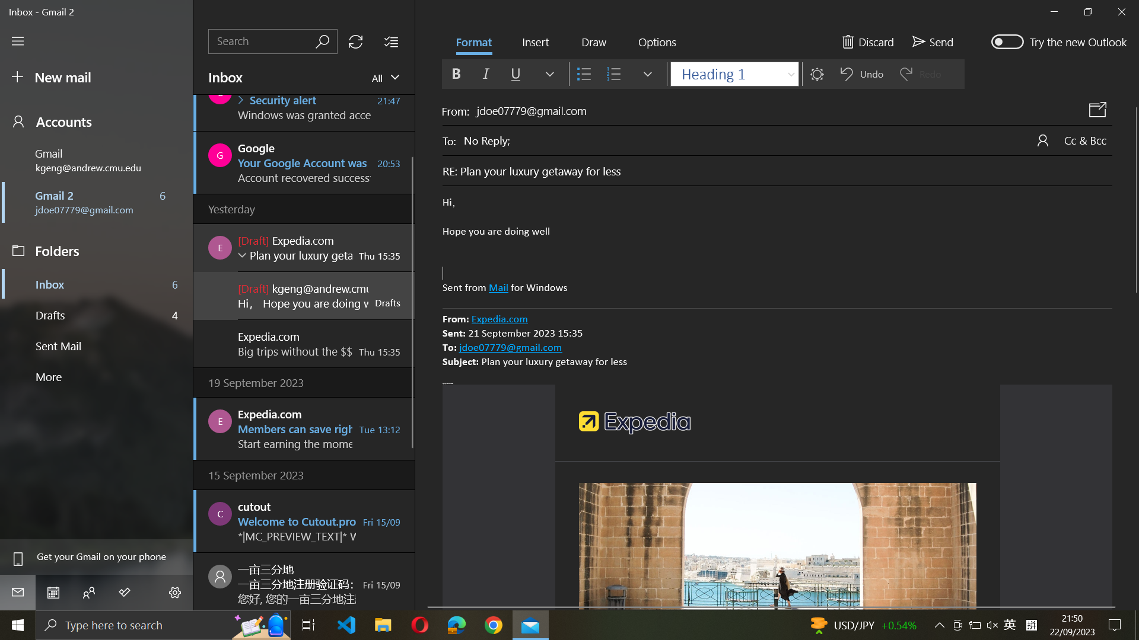 The image size is (1139, 640). What do you see at coordinates (777, 245) in the screenshot?
I see `bold and italic formatting to all the content present in the mail body` at bounding box center [777, 245].